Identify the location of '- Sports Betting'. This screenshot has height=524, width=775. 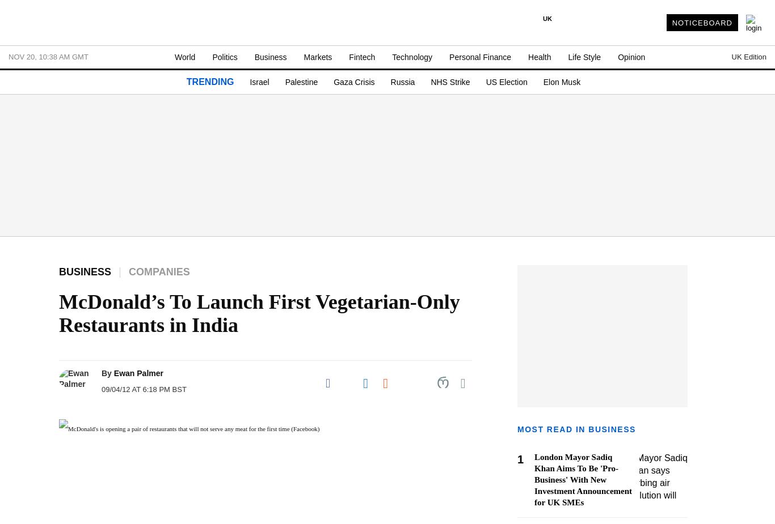
(35, 474).